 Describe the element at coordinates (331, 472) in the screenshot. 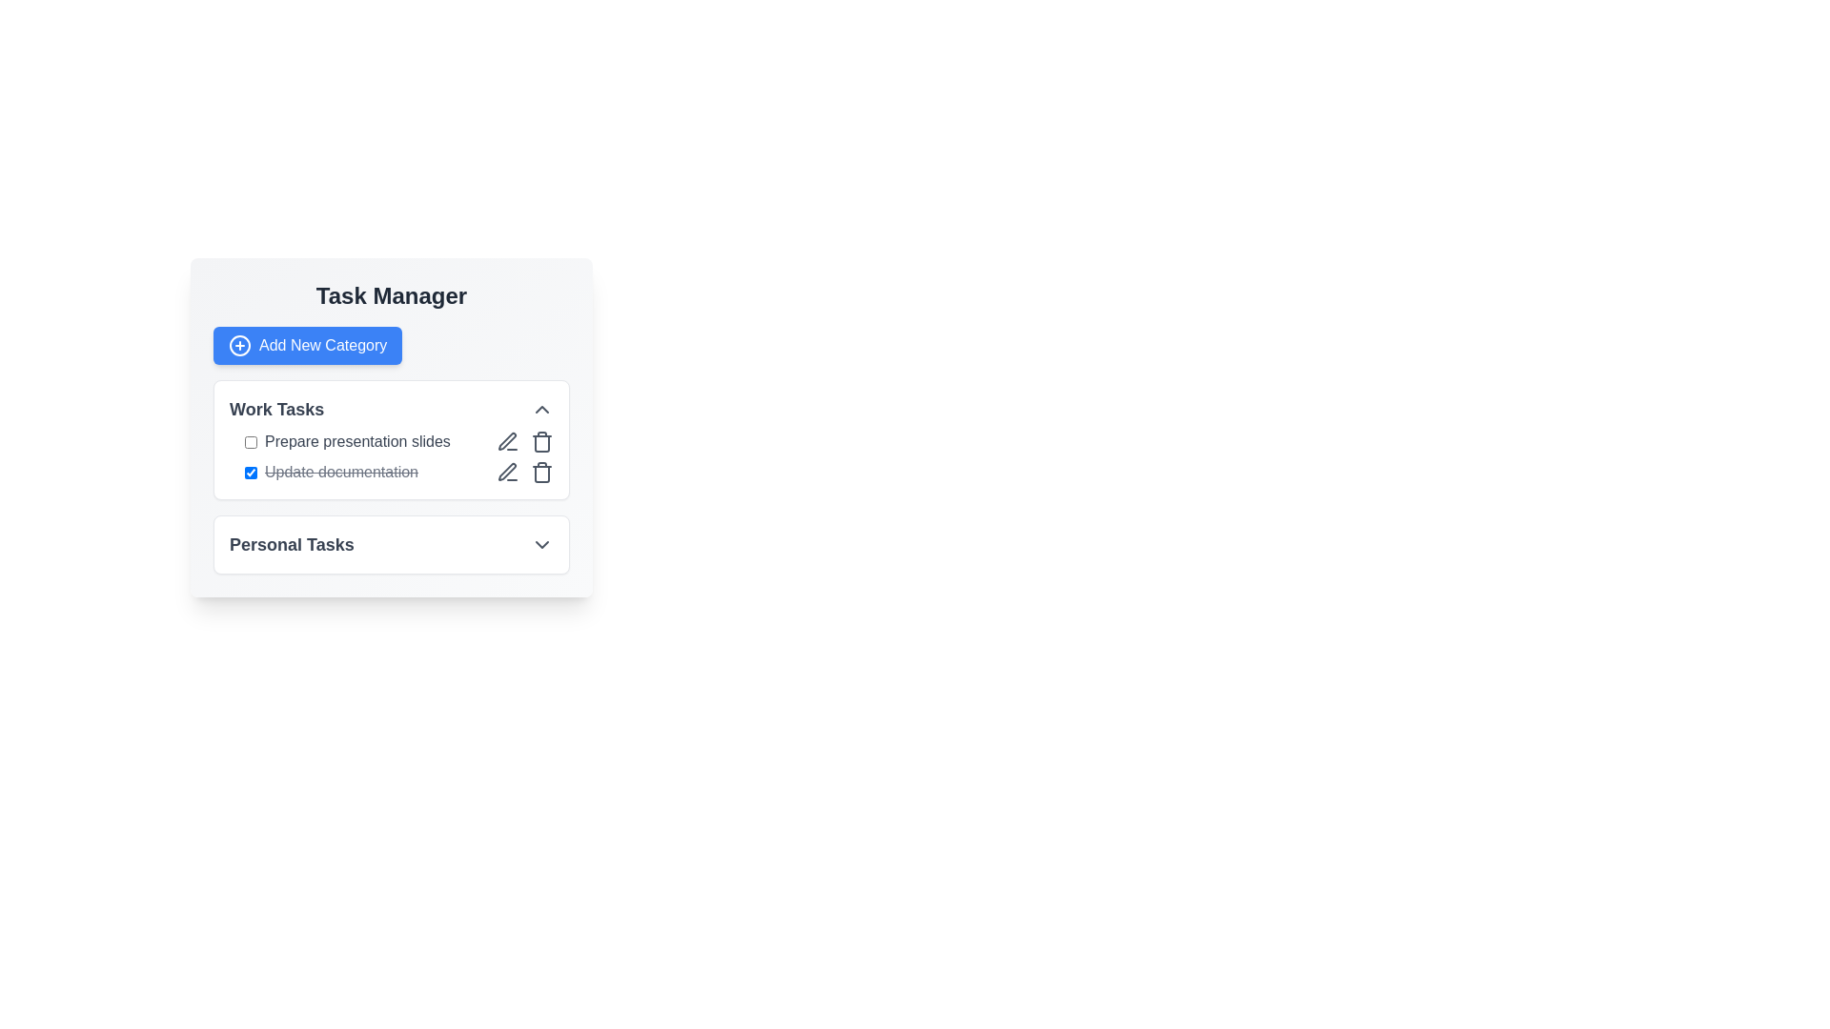

I see `the 'Update documentation' task label to focus or view task details` at that location.